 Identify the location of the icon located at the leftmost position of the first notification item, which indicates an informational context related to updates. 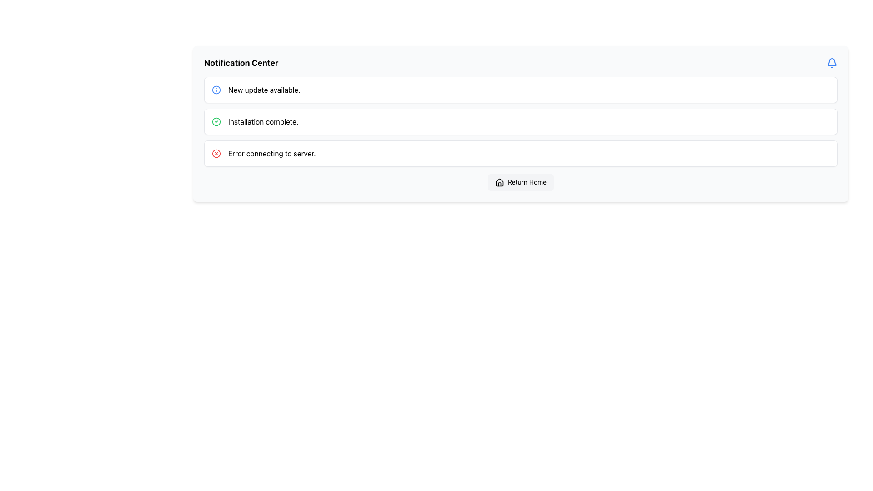
(216, 90).